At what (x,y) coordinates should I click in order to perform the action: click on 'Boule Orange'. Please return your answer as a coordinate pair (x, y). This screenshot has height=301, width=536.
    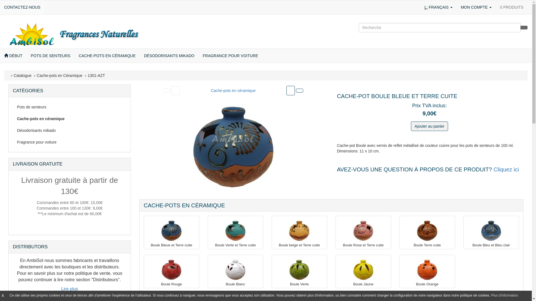
    Looking at the image, I should click on (427, 284).